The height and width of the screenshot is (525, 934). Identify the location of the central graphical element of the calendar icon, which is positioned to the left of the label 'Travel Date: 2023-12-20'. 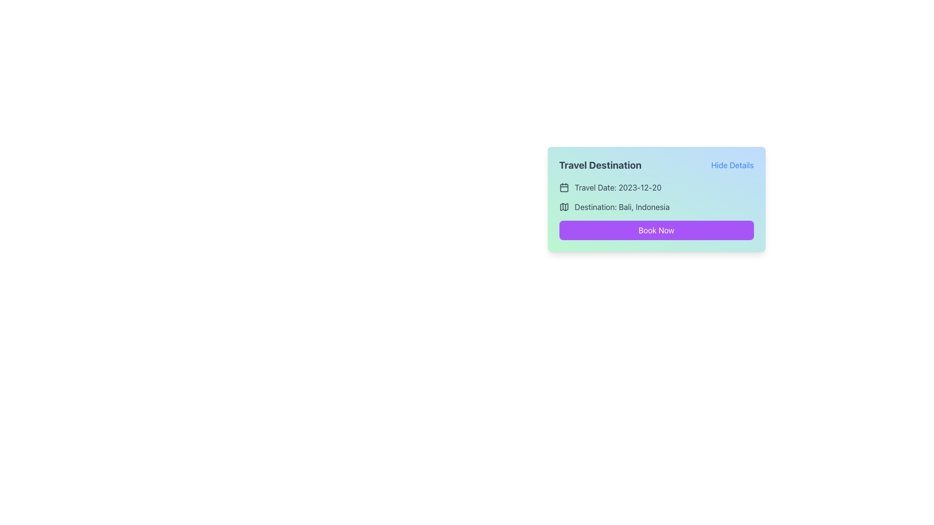
(564, 188).